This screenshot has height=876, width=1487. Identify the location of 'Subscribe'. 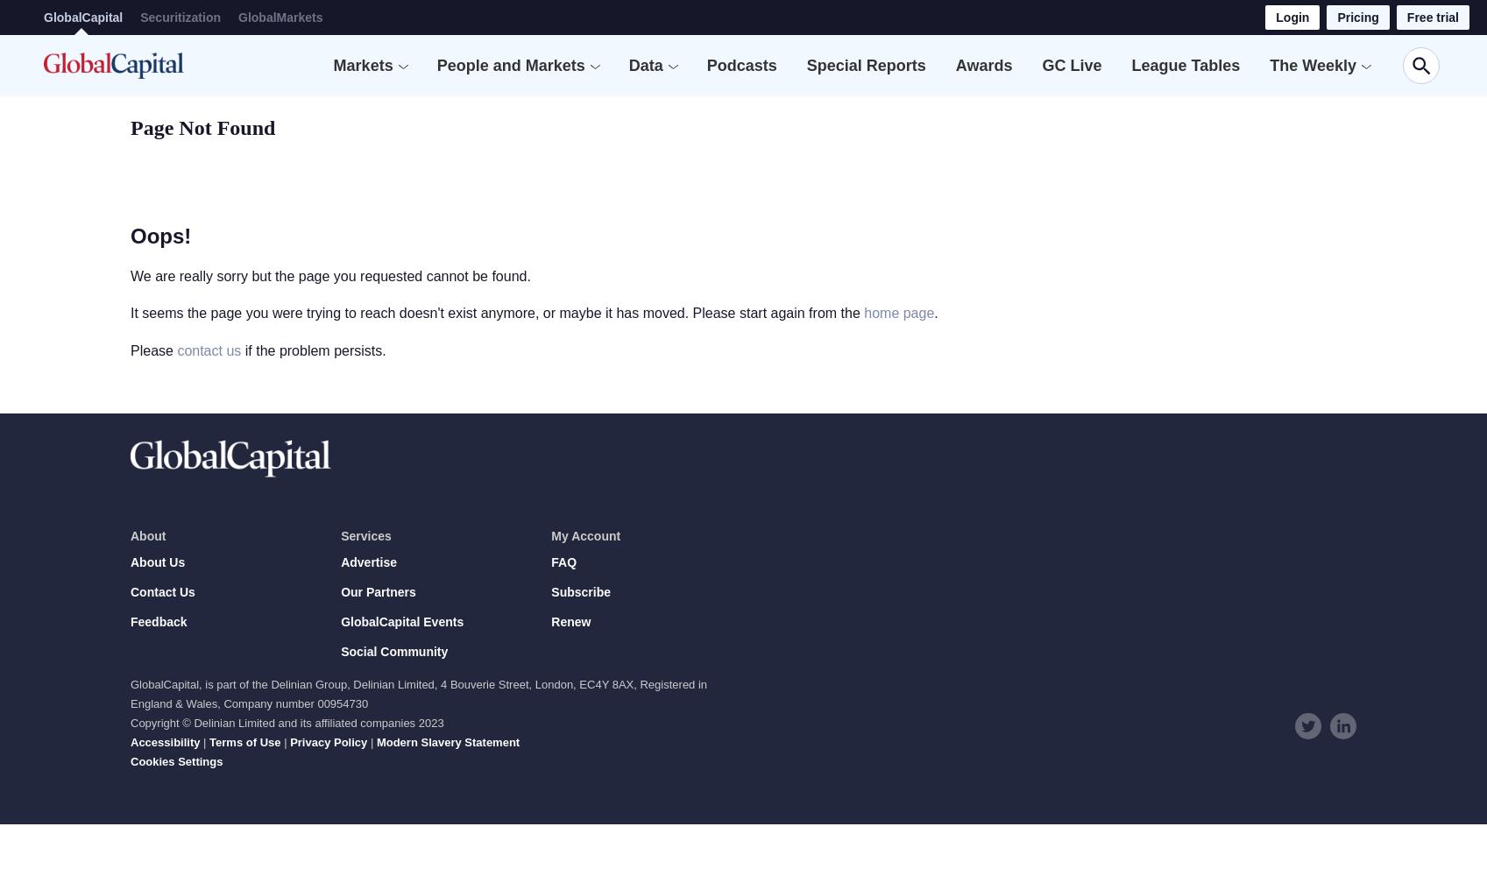
(581, 592).